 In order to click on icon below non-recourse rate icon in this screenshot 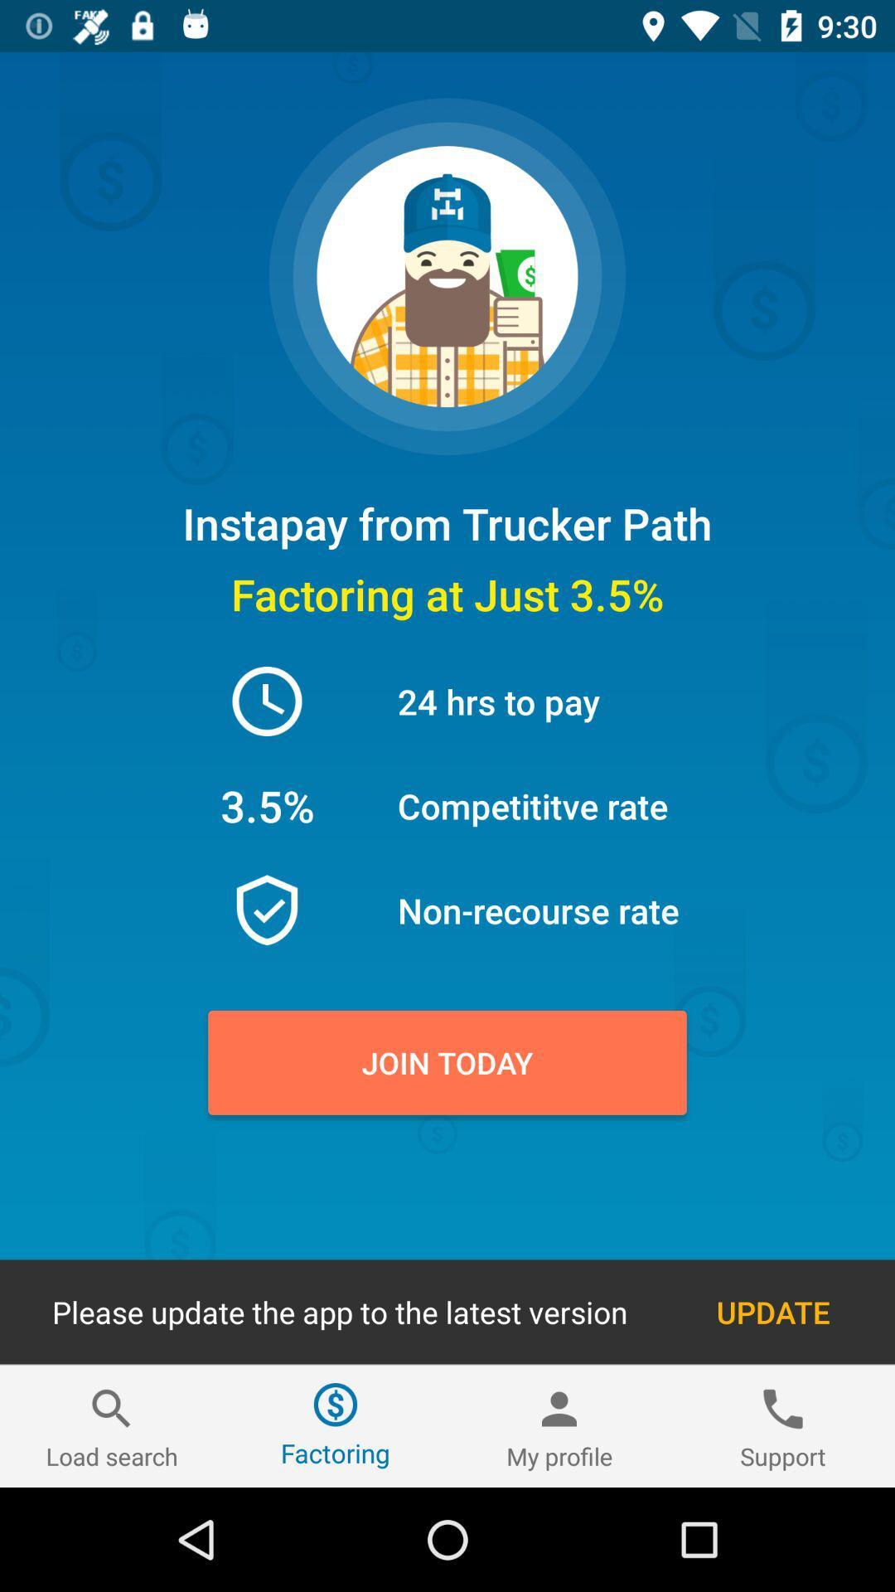, I will do `click(447, 1062)`.